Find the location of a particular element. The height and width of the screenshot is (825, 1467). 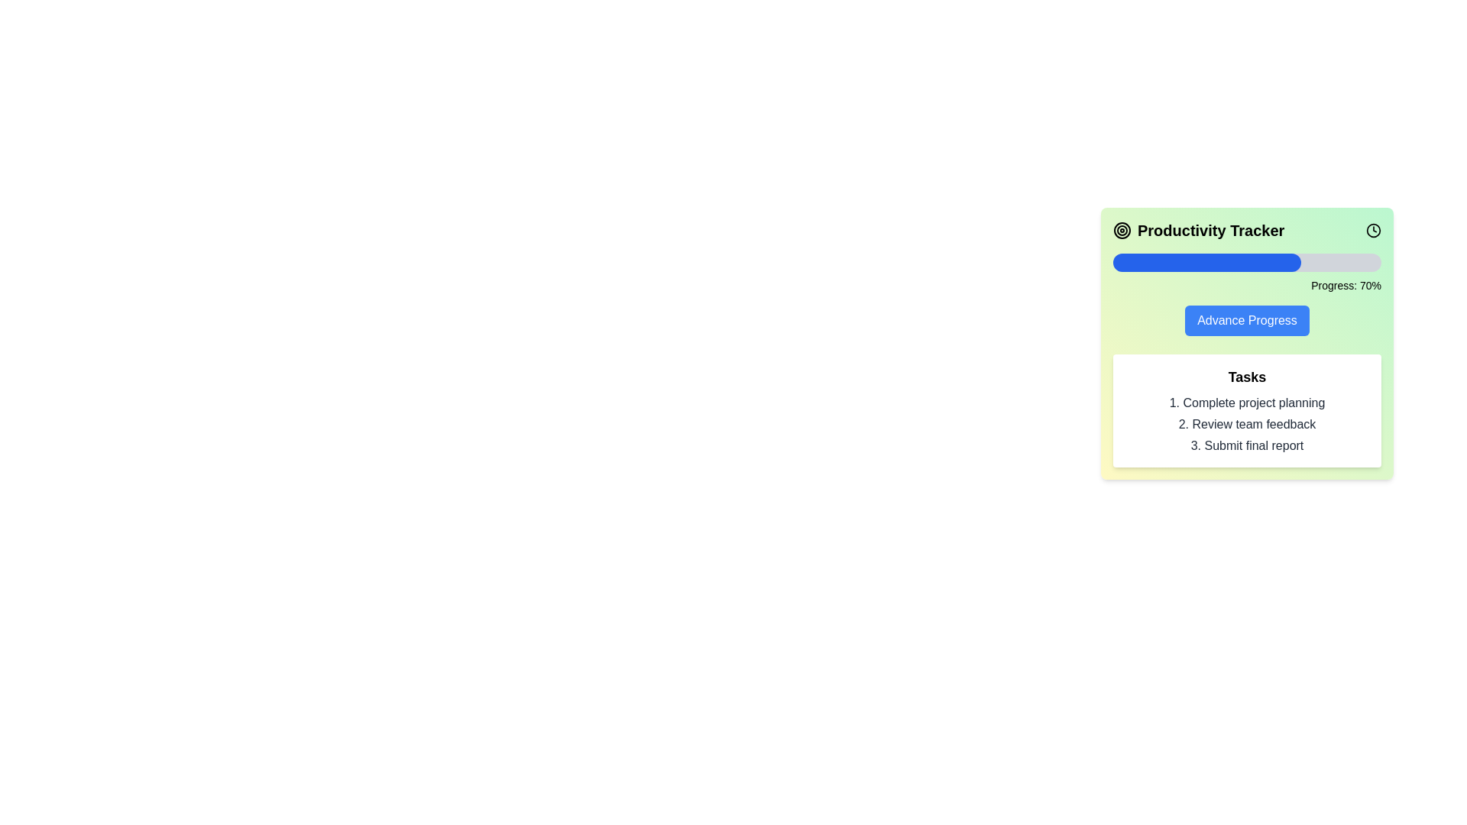

the text '2. Review team feedback' which is styled in a black font and is the second item in the enumerated list of tasks in the 'Tasks' section is located at coordinates (1247, 424).